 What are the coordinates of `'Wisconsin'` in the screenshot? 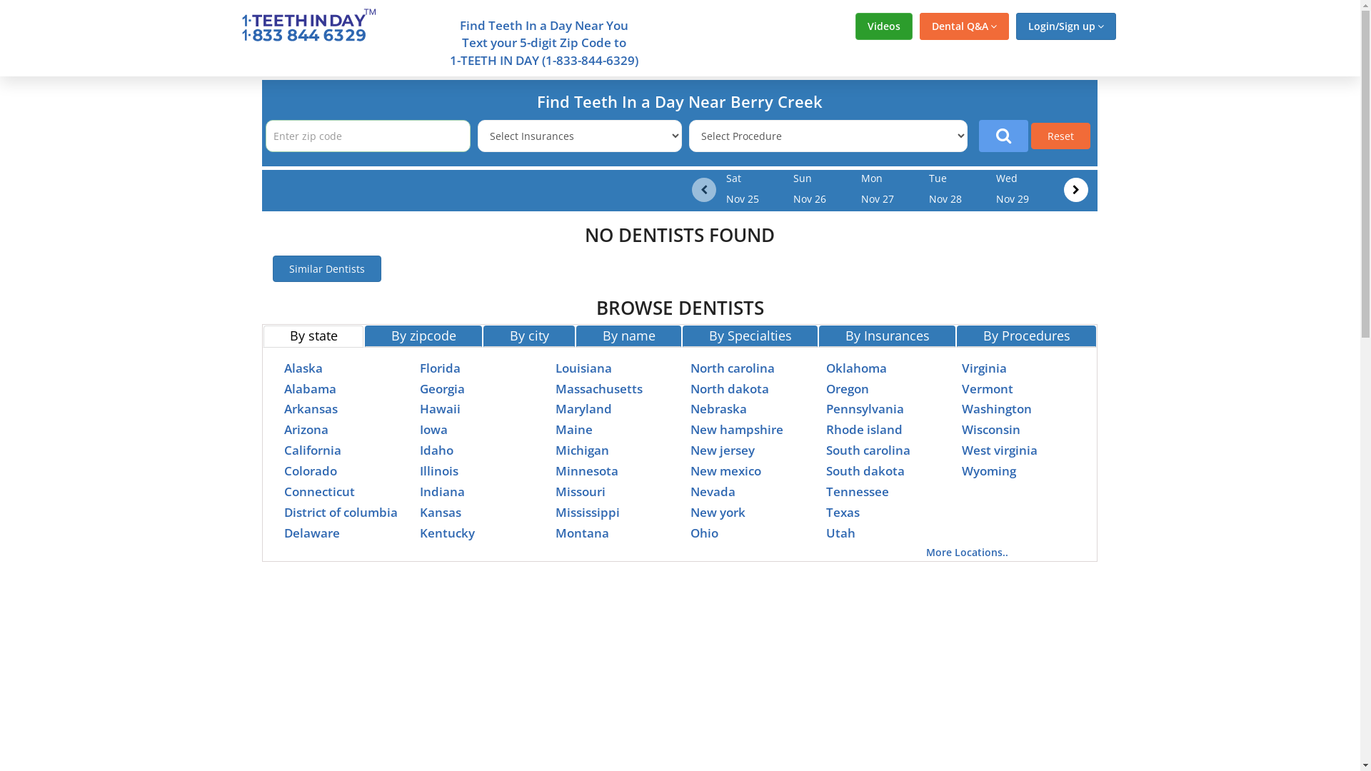 It's located at (990, 428).